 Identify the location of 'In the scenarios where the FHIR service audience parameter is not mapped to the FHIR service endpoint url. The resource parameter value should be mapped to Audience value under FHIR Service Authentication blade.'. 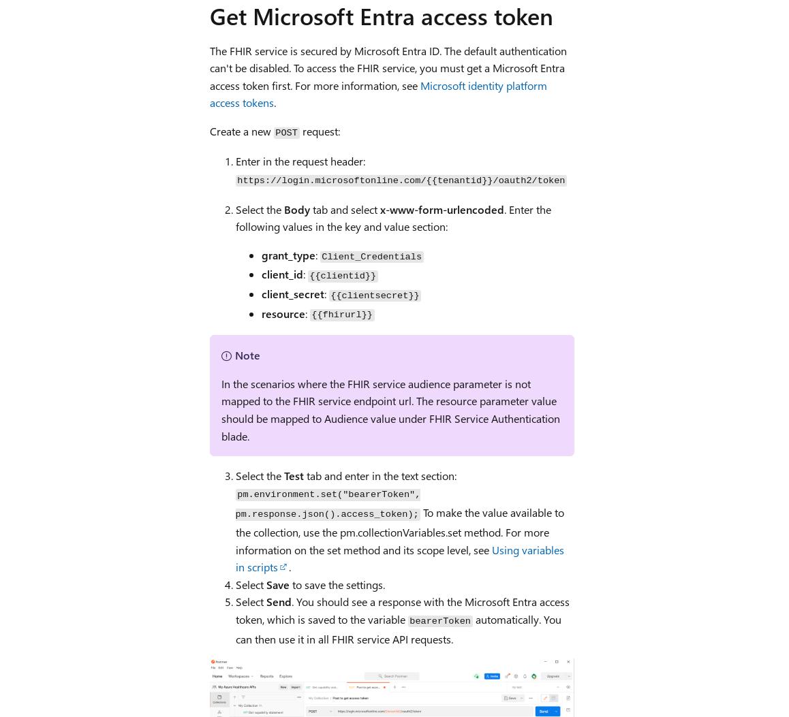
(390, 409).